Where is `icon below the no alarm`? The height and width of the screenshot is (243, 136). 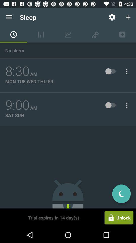 icon below the no alarm is located at coordinates (17, 71).